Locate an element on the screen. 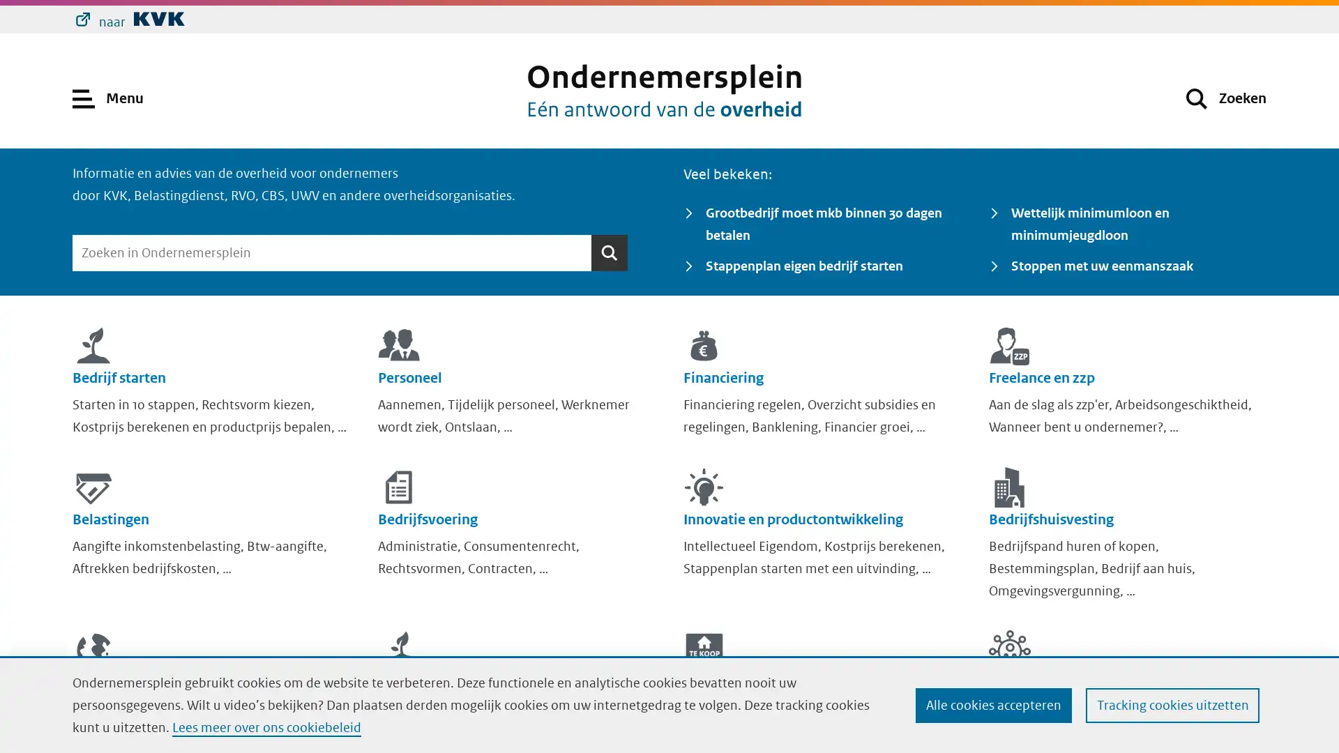 This screenshot has width=1339, height=753. Tracking cookies uitzetten is located at coordinates (1172, 705).